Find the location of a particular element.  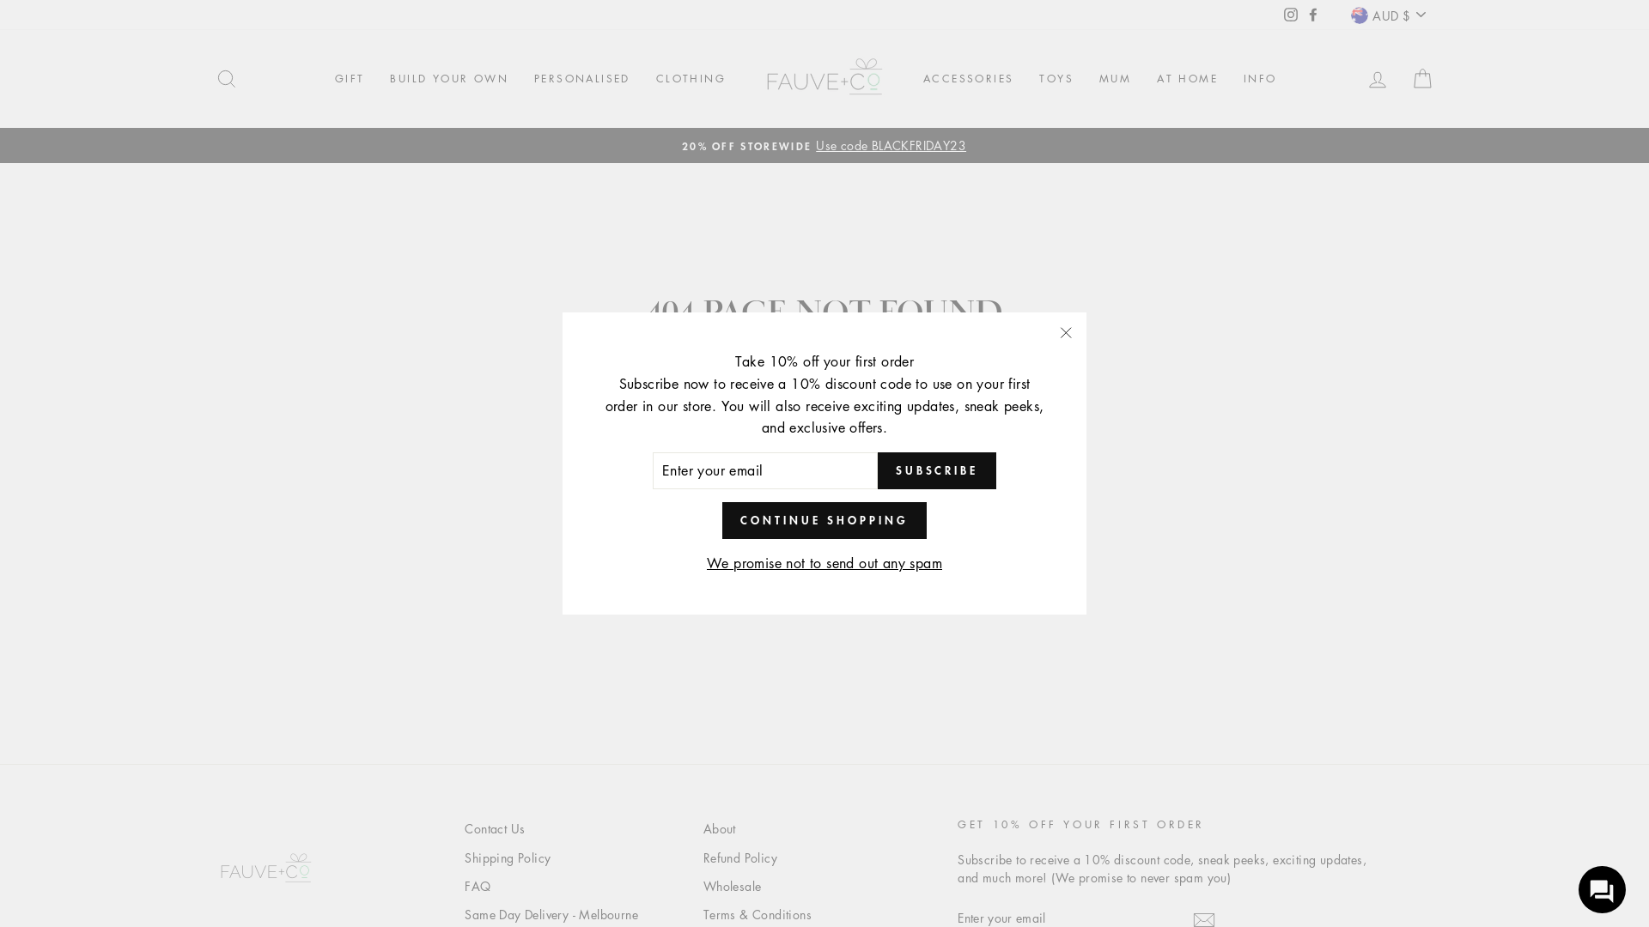

'Skip to content' is located at coordinates (0, 0).